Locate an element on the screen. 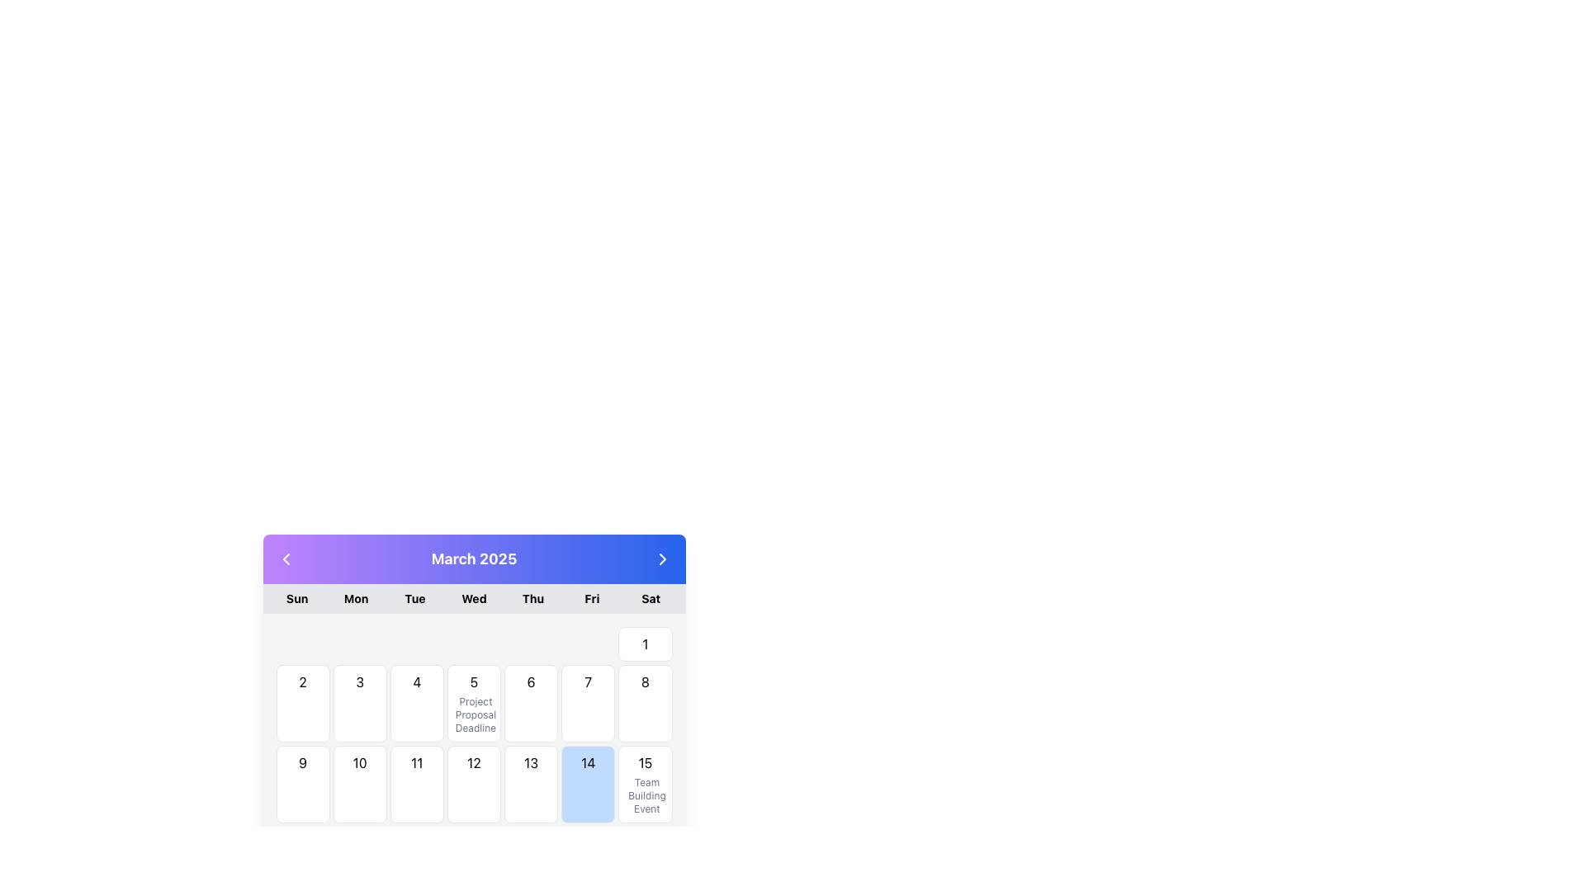 The width and height of the screenshot is (1585, 891). the calendar day box representing the sixth day of the month is located at coordinates (531, 703).